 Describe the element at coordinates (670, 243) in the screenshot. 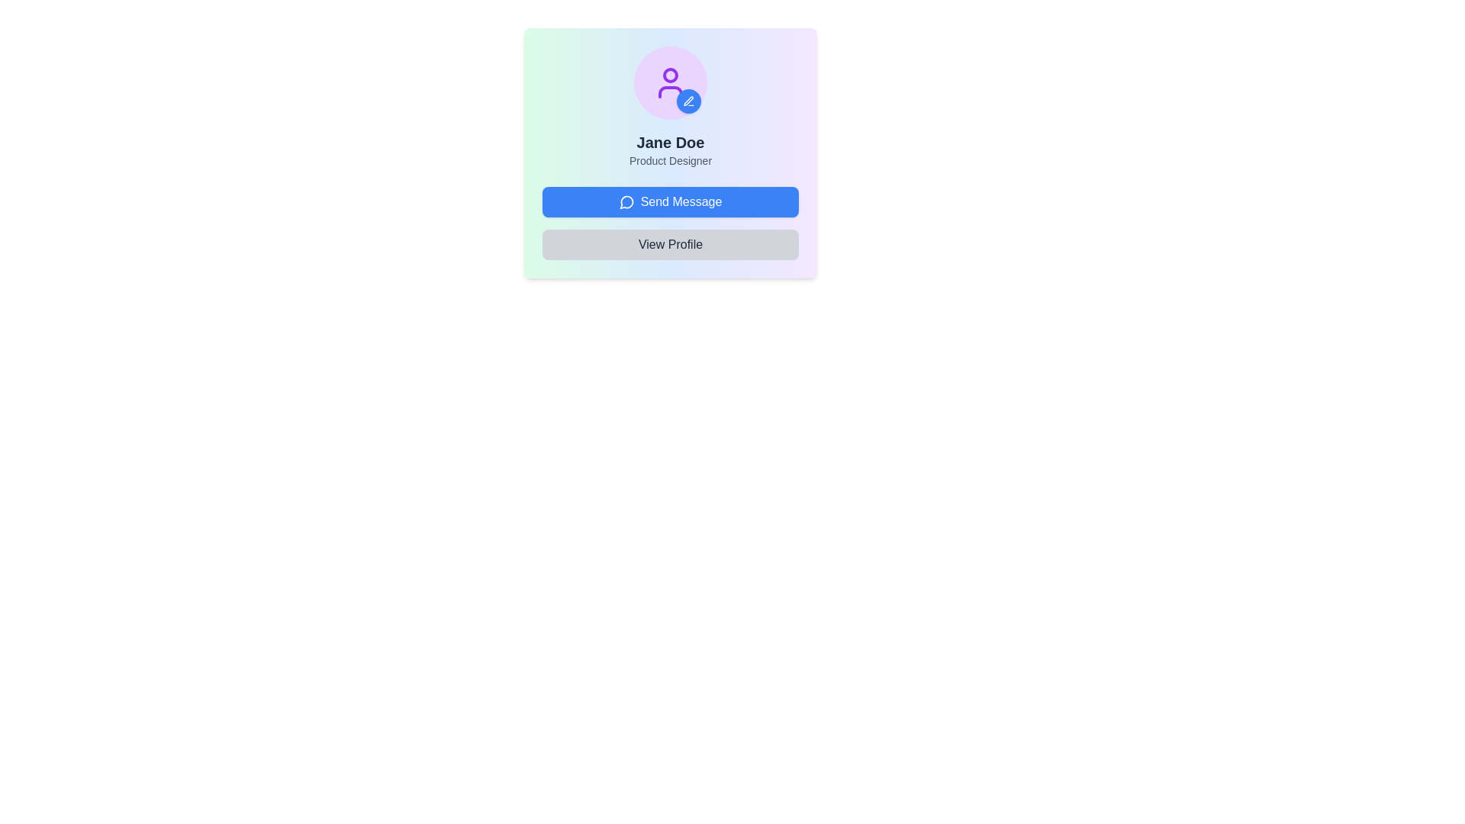

I see `the button located below the 'Send Message' button` at that location.